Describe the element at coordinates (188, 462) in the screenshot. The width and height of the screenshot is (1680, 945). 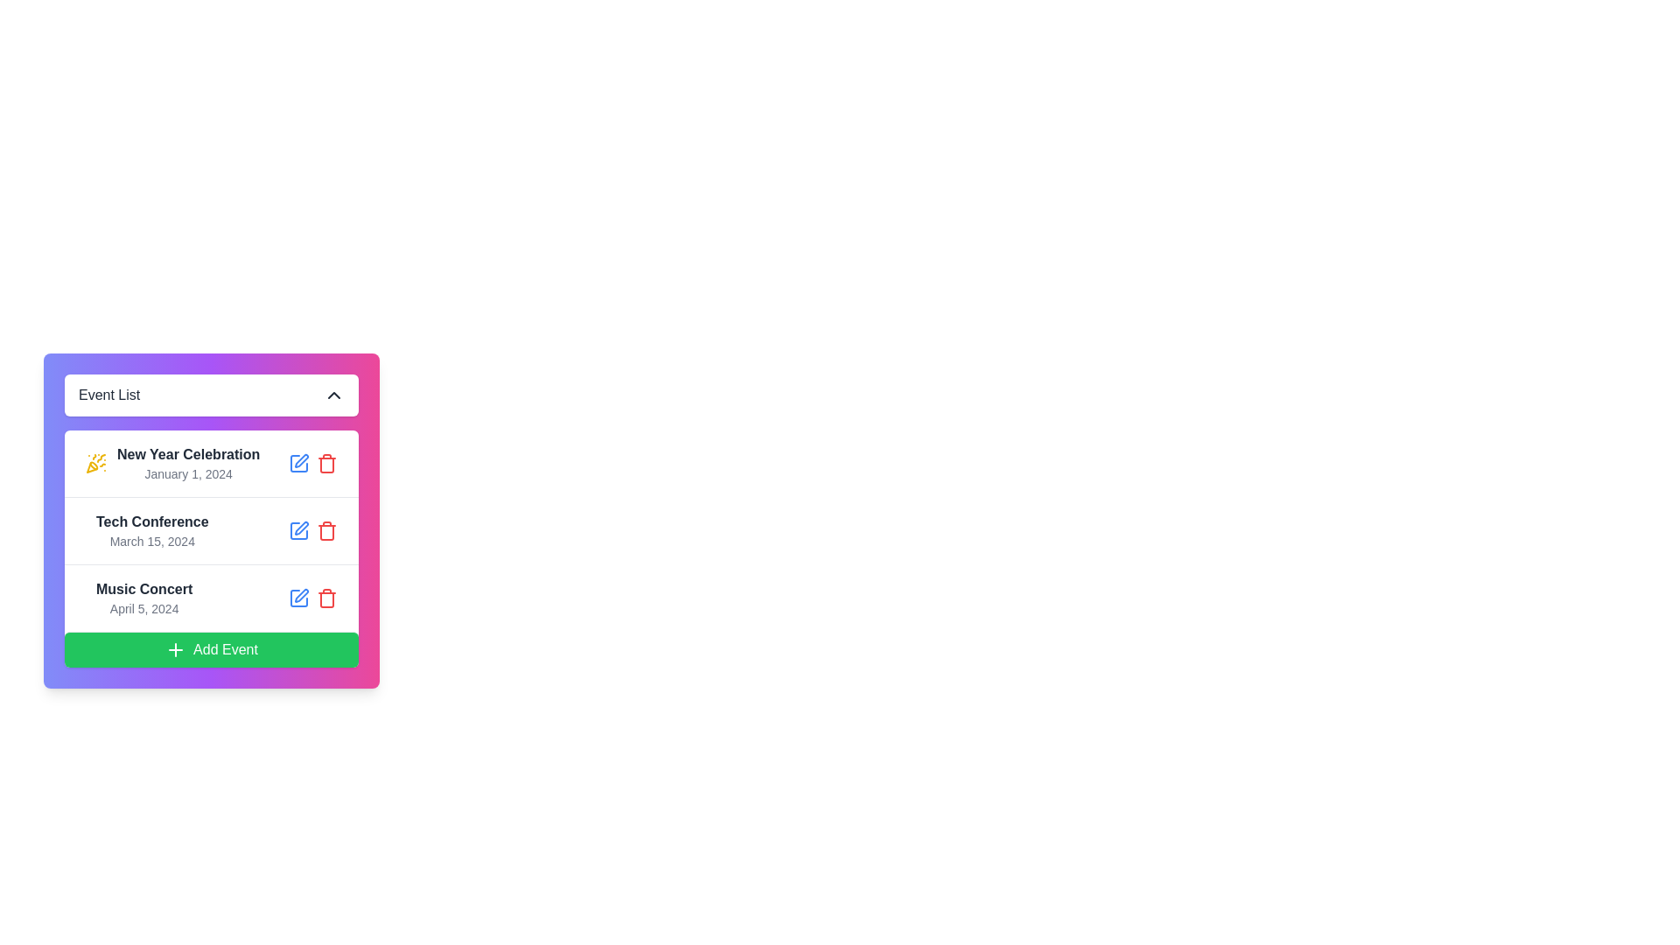
I see `the text display containing 'New Year Celebration' and 'January 1, 2024', located in the first row of the event list, to the right of the yellow party-popper icon` at that location.